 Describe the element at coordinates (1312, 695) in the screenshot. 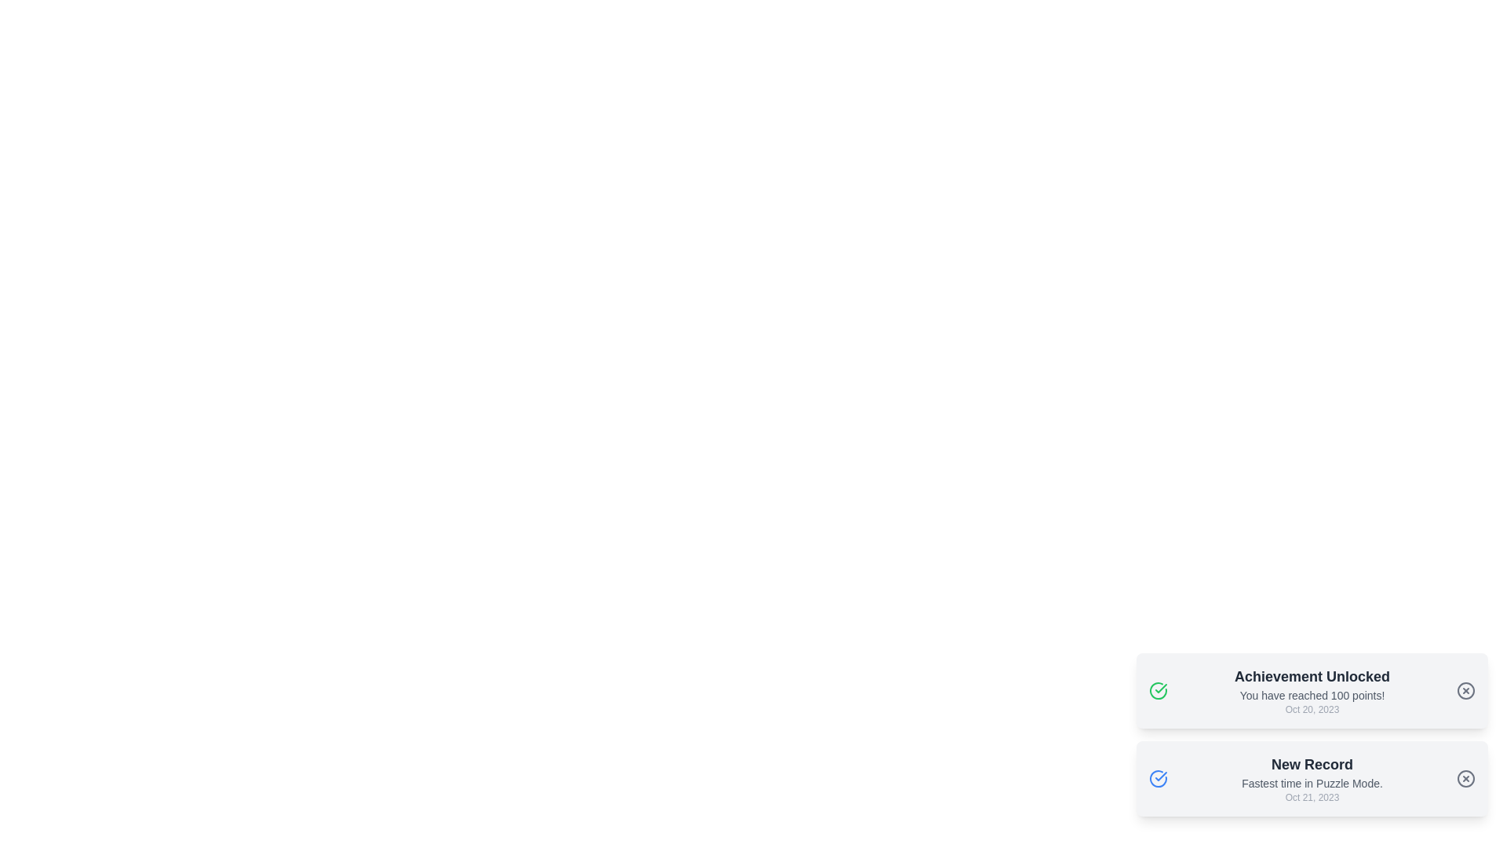

I see `static text message that states 'You have reached 100 points!' located in the notification card below the title 'Achievement Unlocked'` at that location.